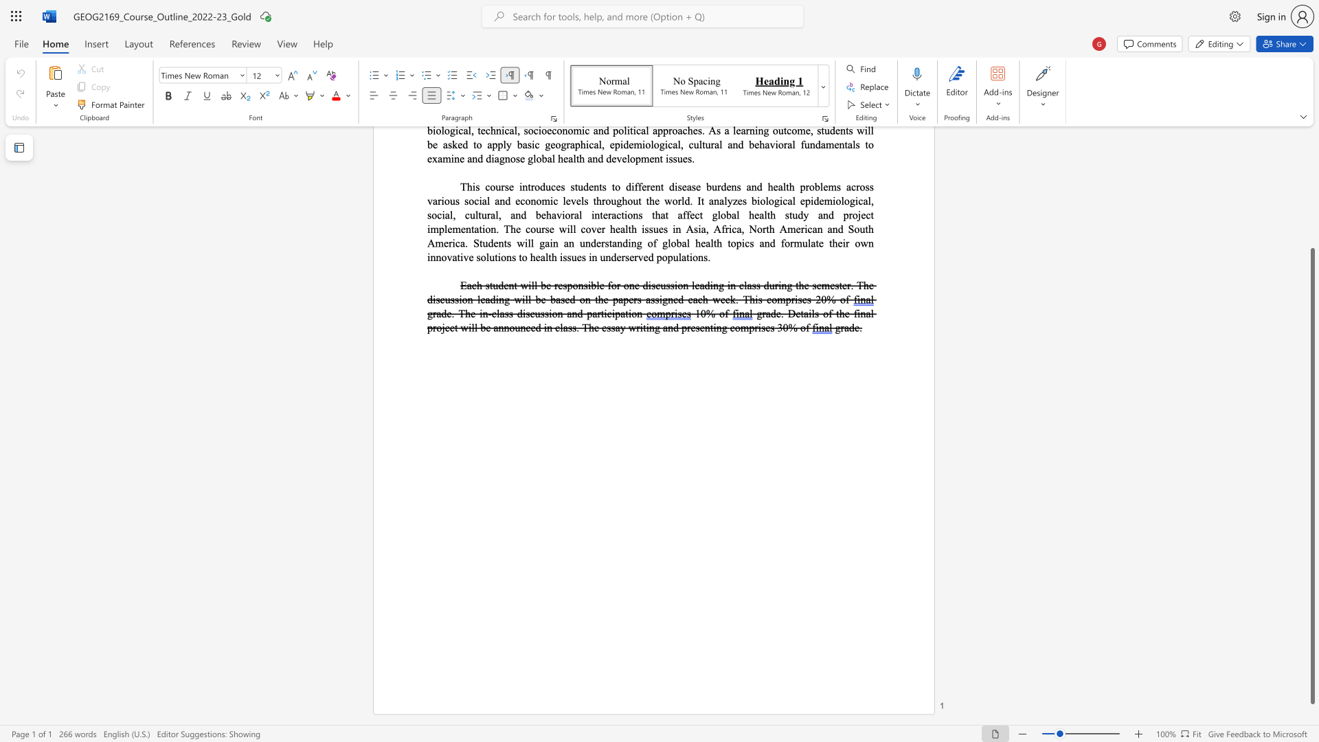  What do you see at coordinates (1311, 240) in the screenshot?
I see `the scrollbar on the right to shift the page higher` at bounding box center [1311, 240].